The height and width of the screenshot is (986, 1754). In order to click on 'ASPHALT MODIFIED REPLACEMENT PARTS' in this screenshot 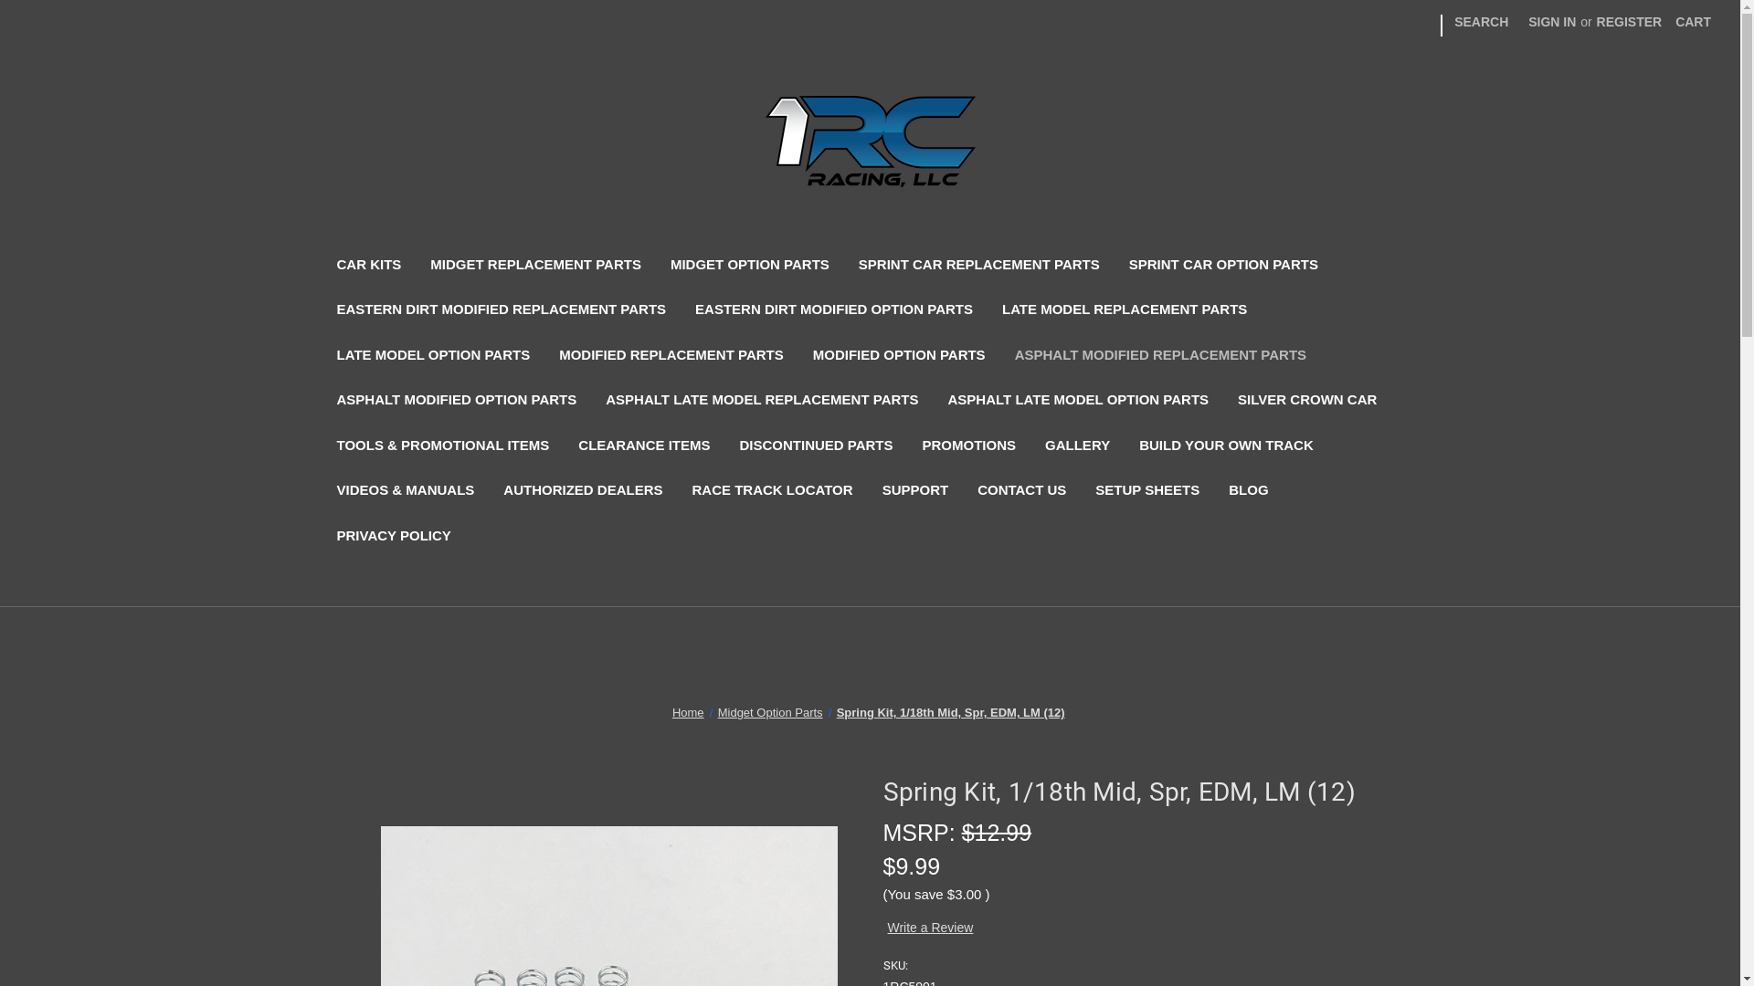, I will do `click(999, 357)`.